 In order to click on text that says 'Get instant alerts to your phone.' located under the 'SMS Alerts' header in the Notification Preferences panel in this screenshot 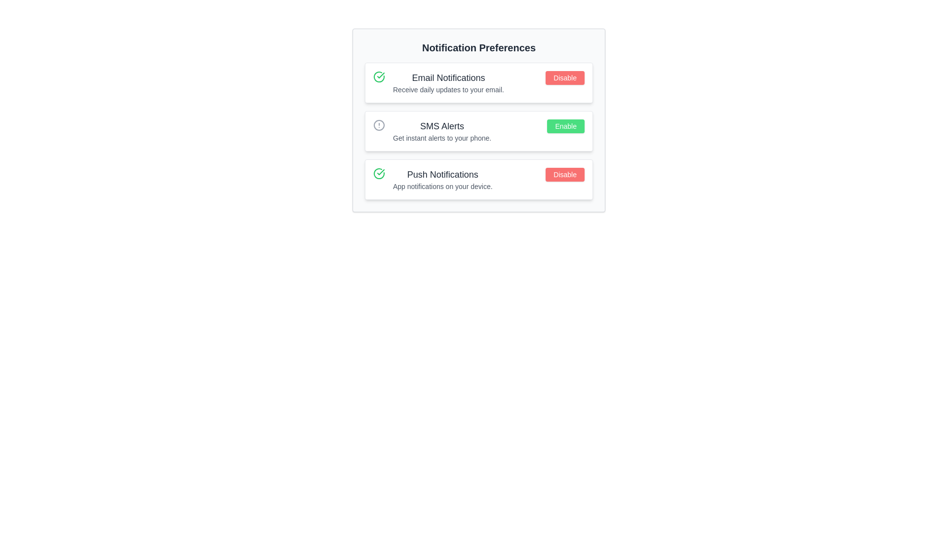, I will do `click(441, 138)`.